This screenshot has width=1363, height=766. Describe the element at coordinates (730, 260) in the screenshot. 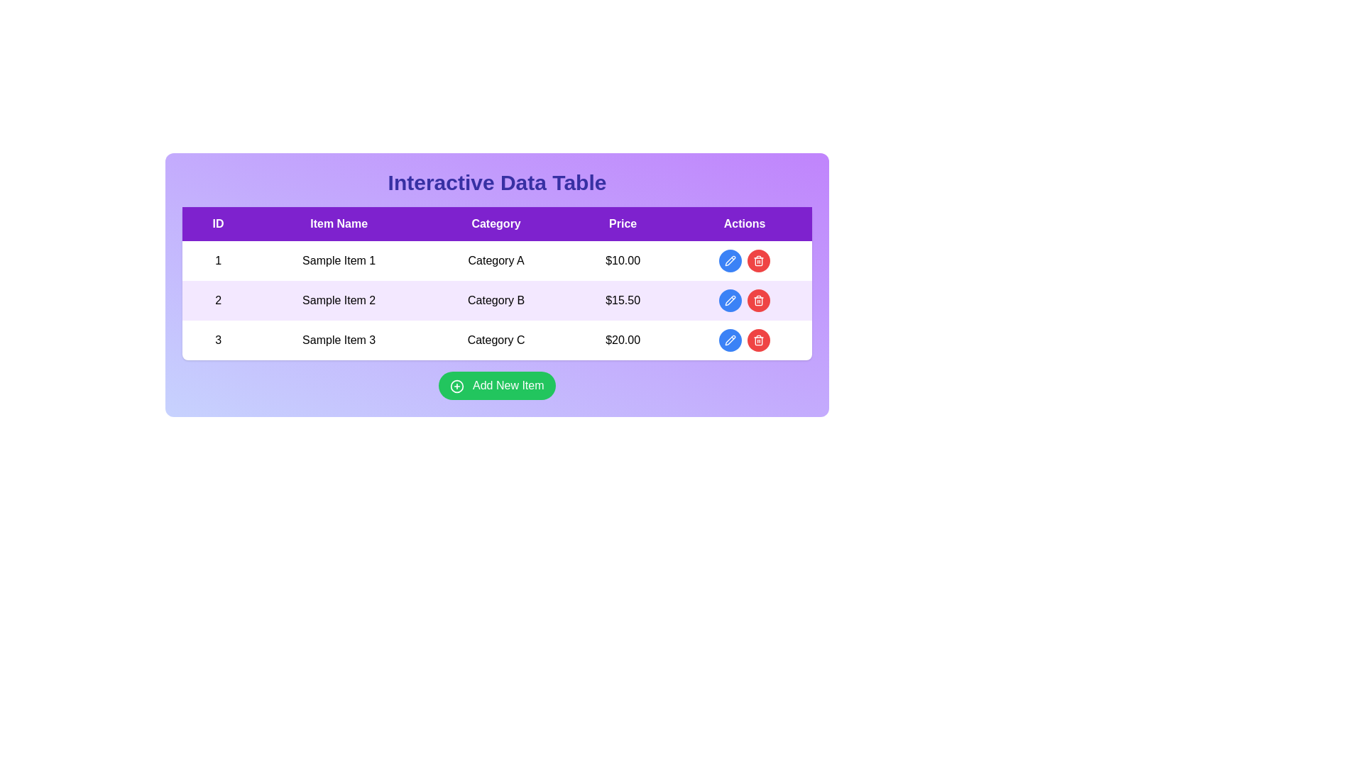

I see `the blue circular button with a white pencil icon in the 'Actions' column of the interactive data table` at that location.